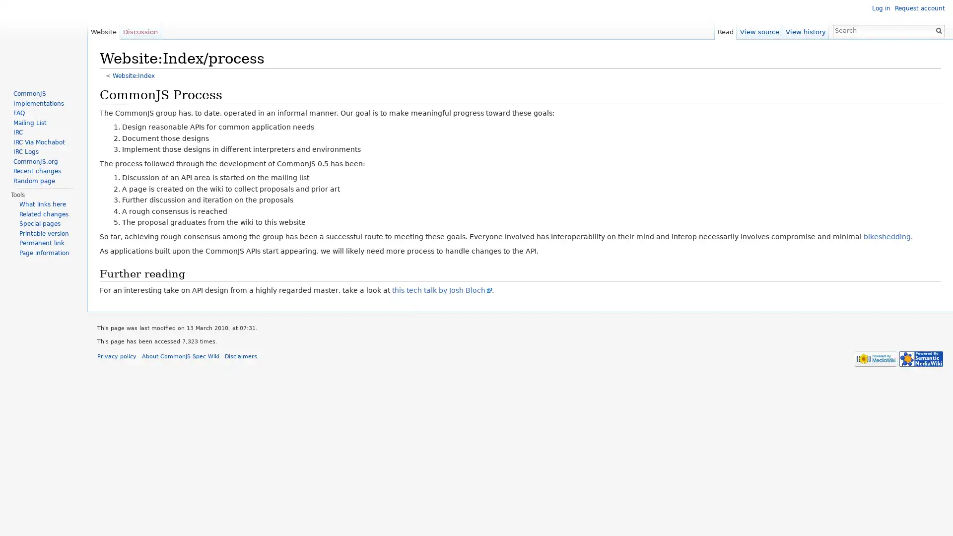 This screenshot has width=953, height=536. Describe the element at coordinates (938, 30) in the screenshot. I see `Go` at that location.